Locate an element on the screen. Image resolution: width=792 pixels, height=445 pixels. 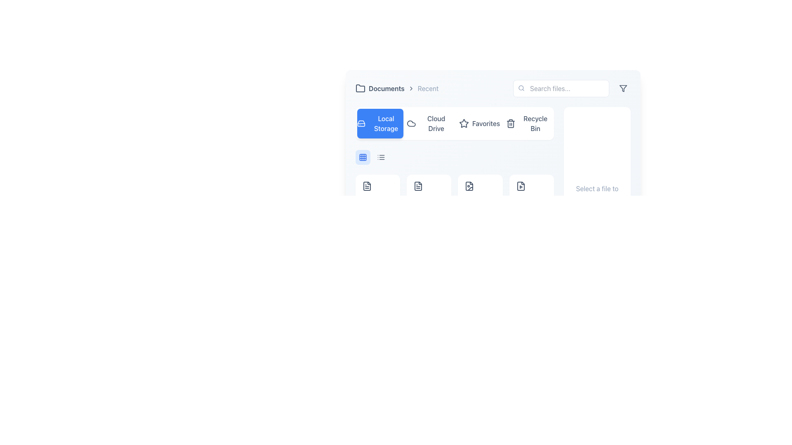
the search icon located to the left inside the search input field in the upper-right portion of the interface is located at coordinates (521, 88).